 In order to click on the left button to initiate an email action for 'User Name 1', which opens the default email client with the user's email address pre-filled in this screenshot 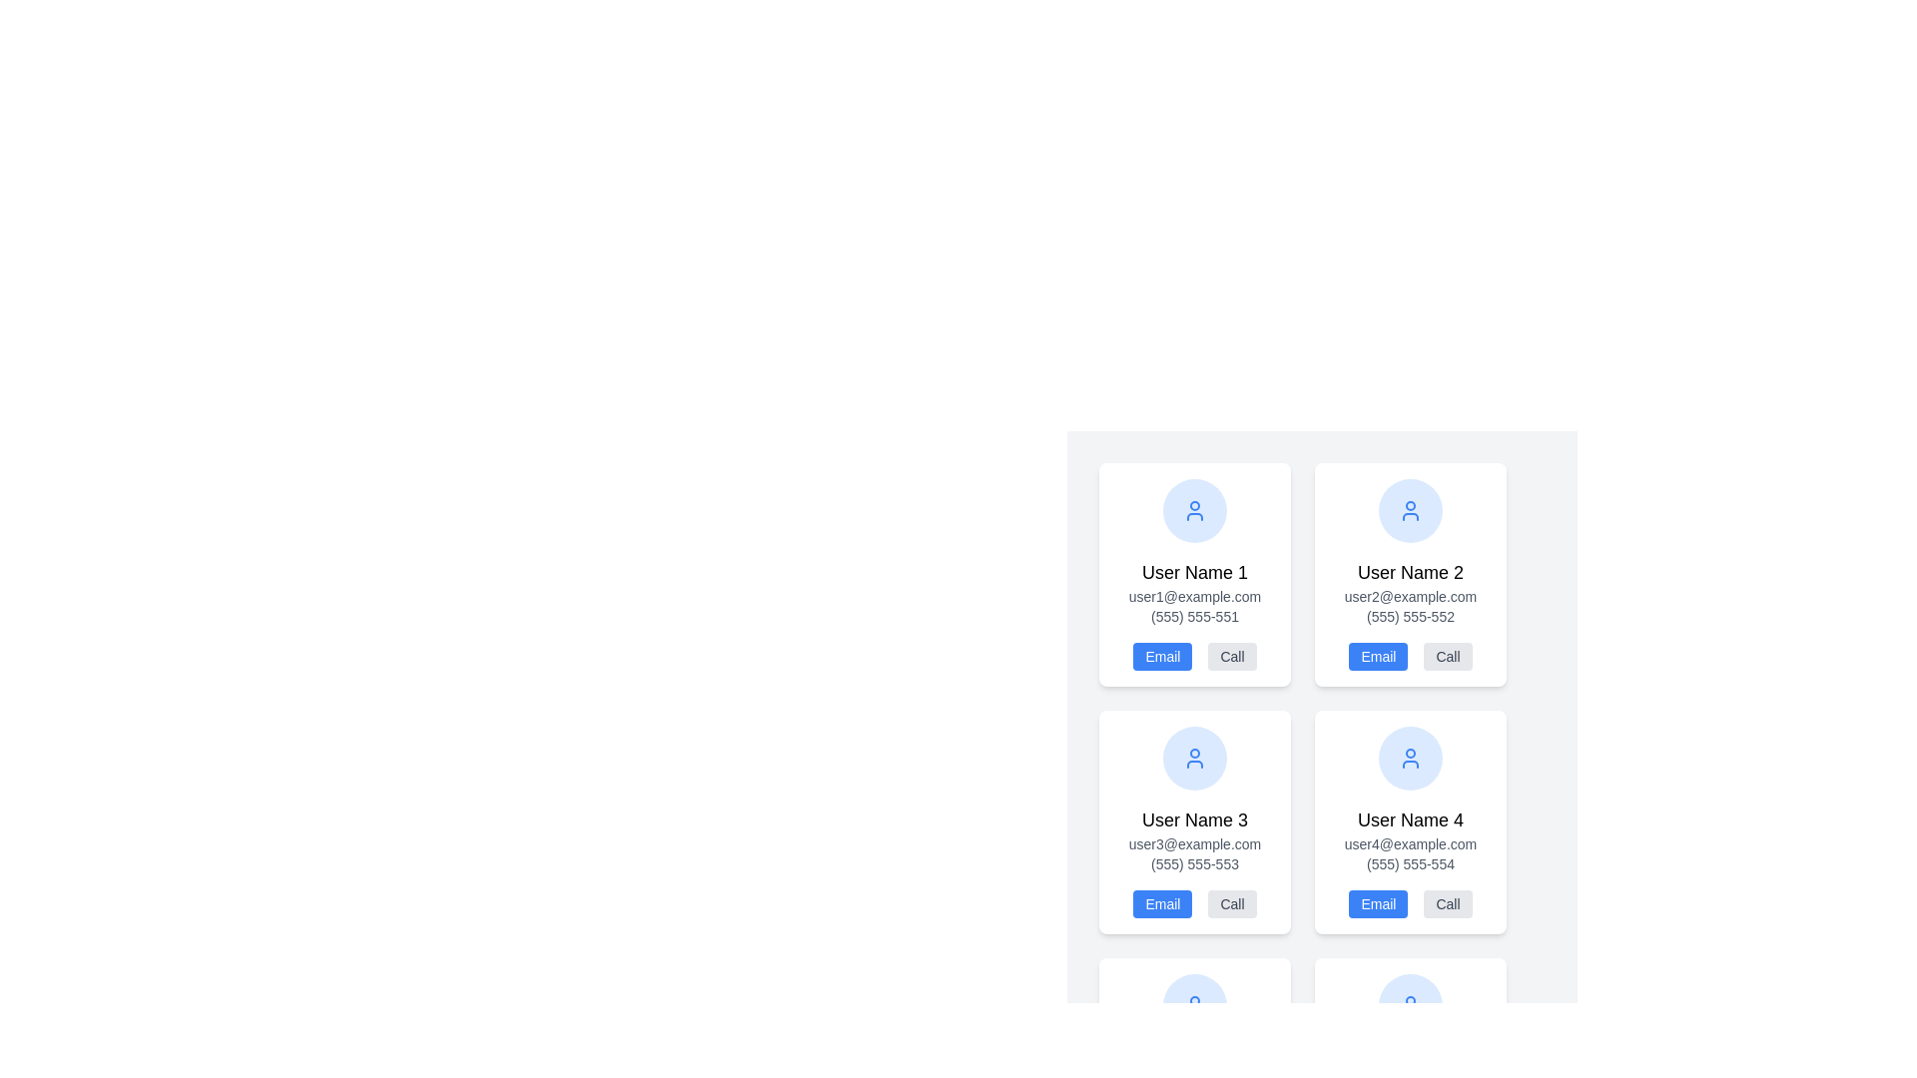, I will do `click(1162, 657)`.